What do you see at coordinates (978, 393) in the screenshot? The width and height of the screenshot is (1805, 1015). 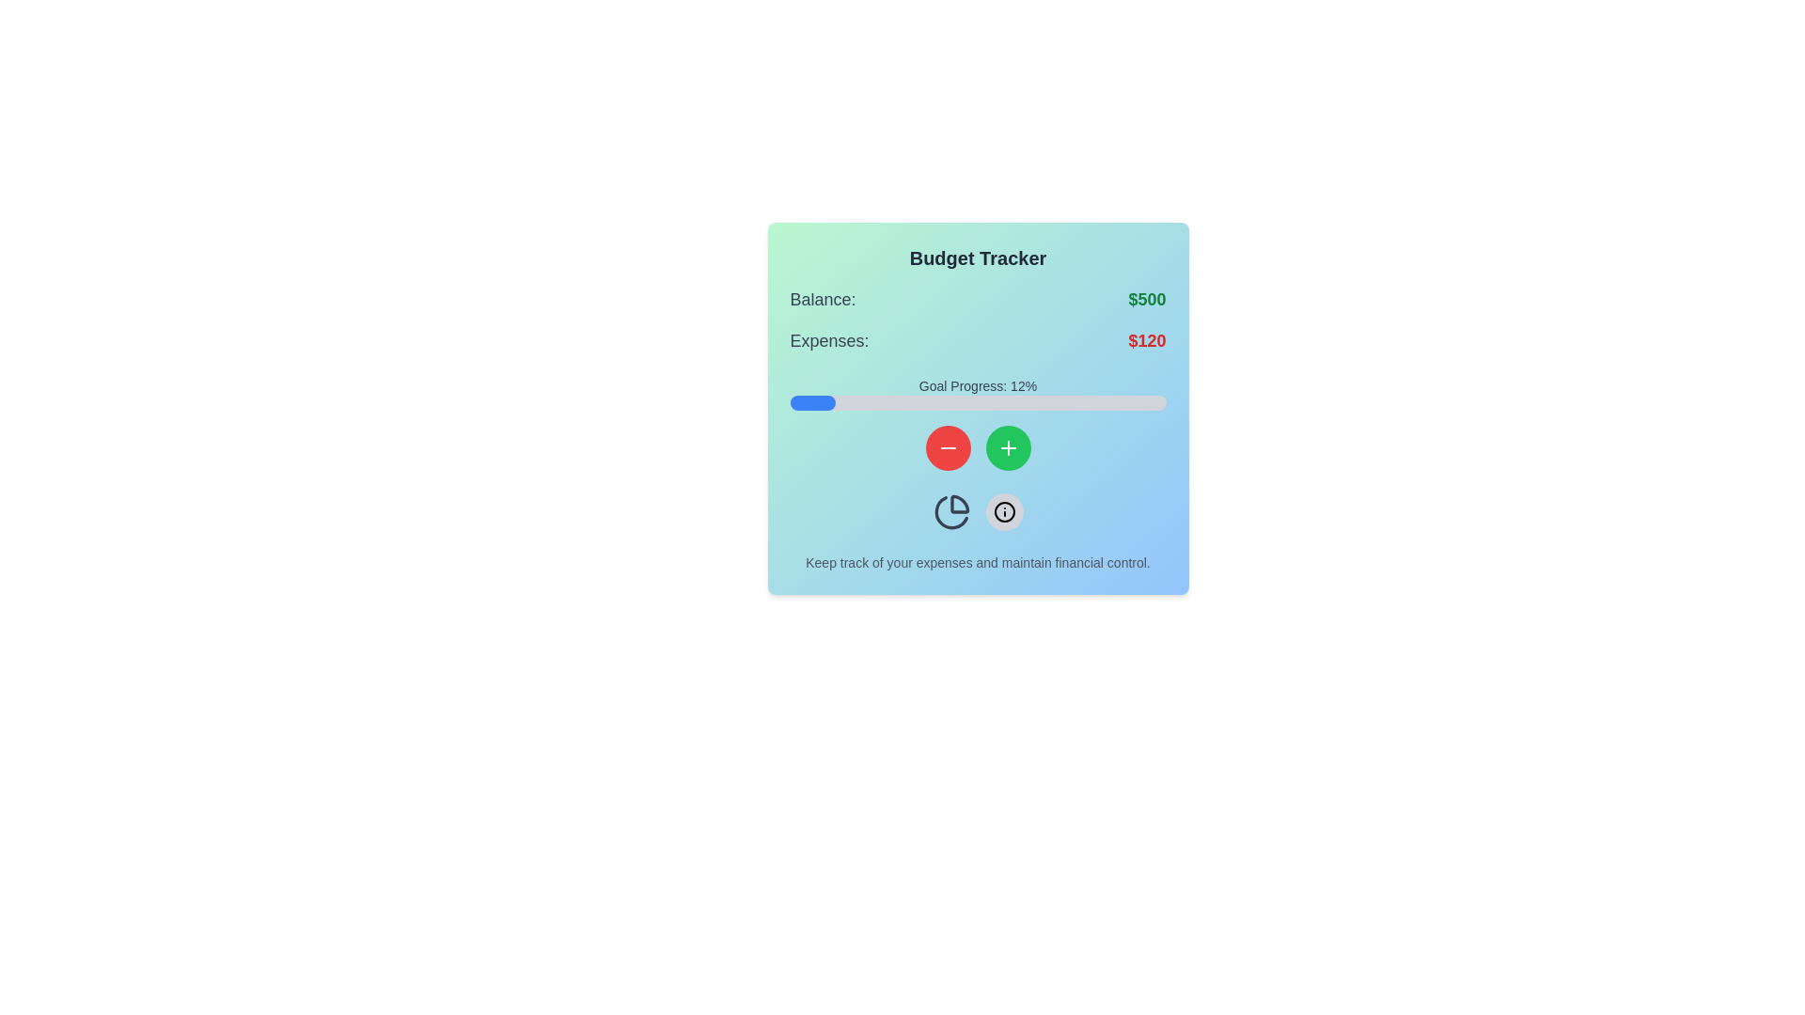 I see `the Progress Indicator with Label in the Budget Tracker card, which visually represents the progress toward a goal with a percentage displayed as text` at bounding box center [978, 393].